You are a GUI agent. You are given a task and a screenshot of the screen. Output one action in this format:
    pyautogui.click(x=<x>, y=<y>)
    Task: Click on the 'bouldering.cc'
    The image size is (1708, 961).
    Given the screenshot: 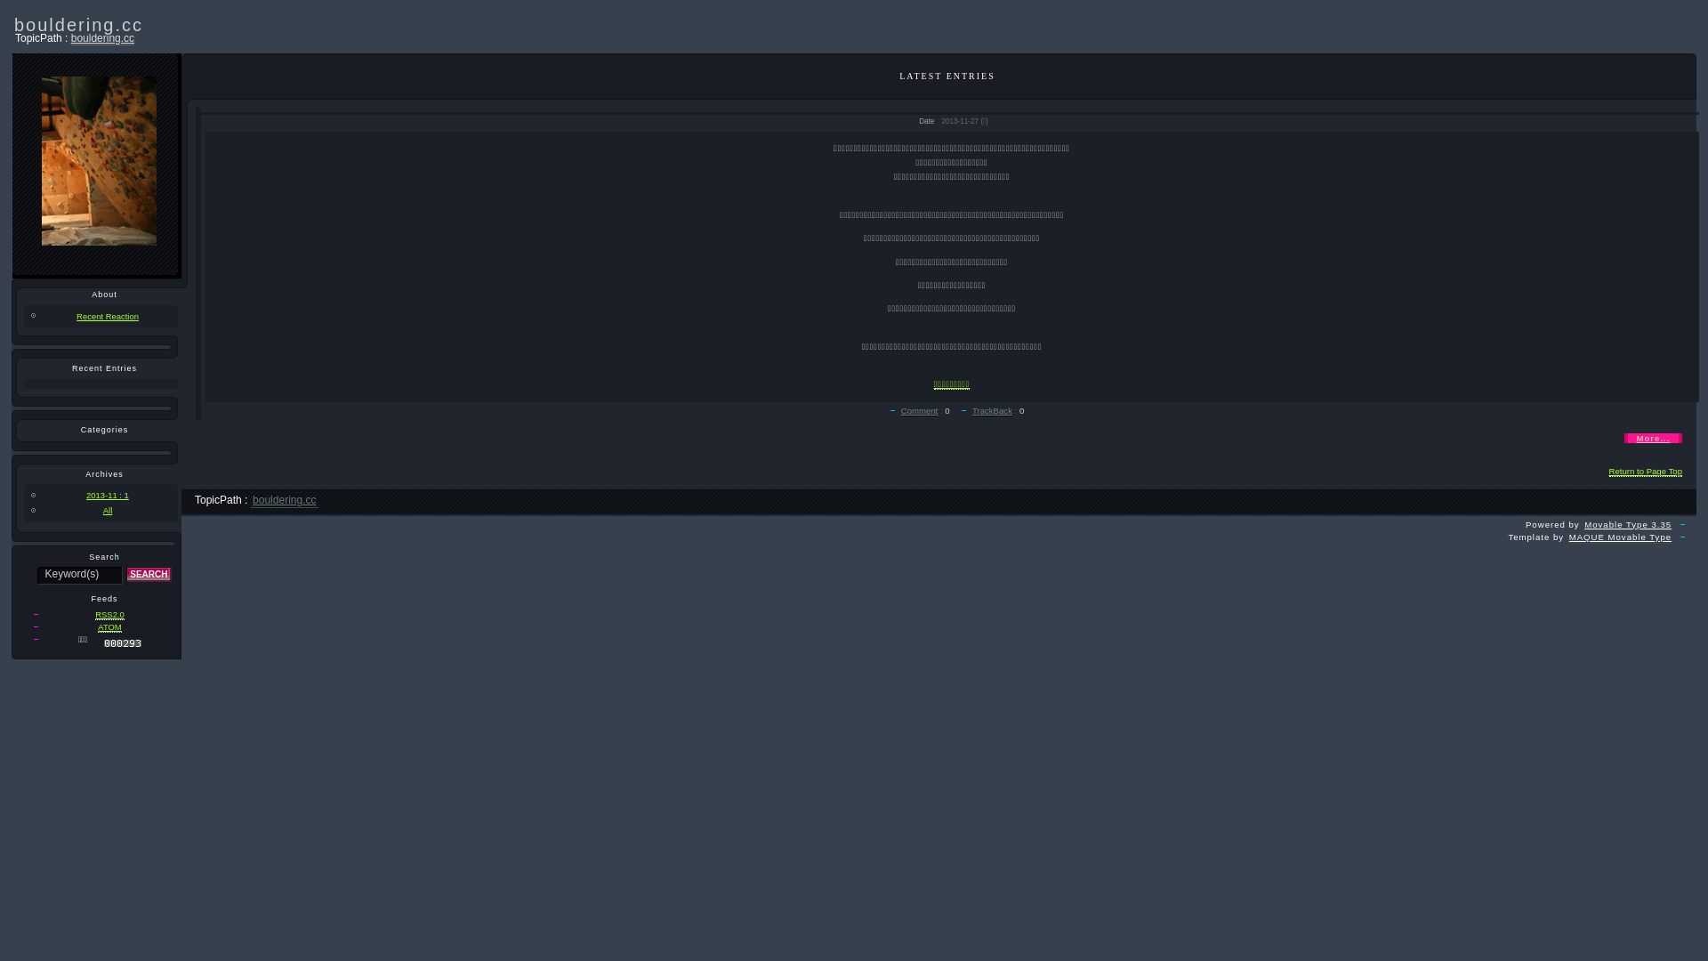 What is the action you would take?
    pyautogui.click(x=285, y=500)
    